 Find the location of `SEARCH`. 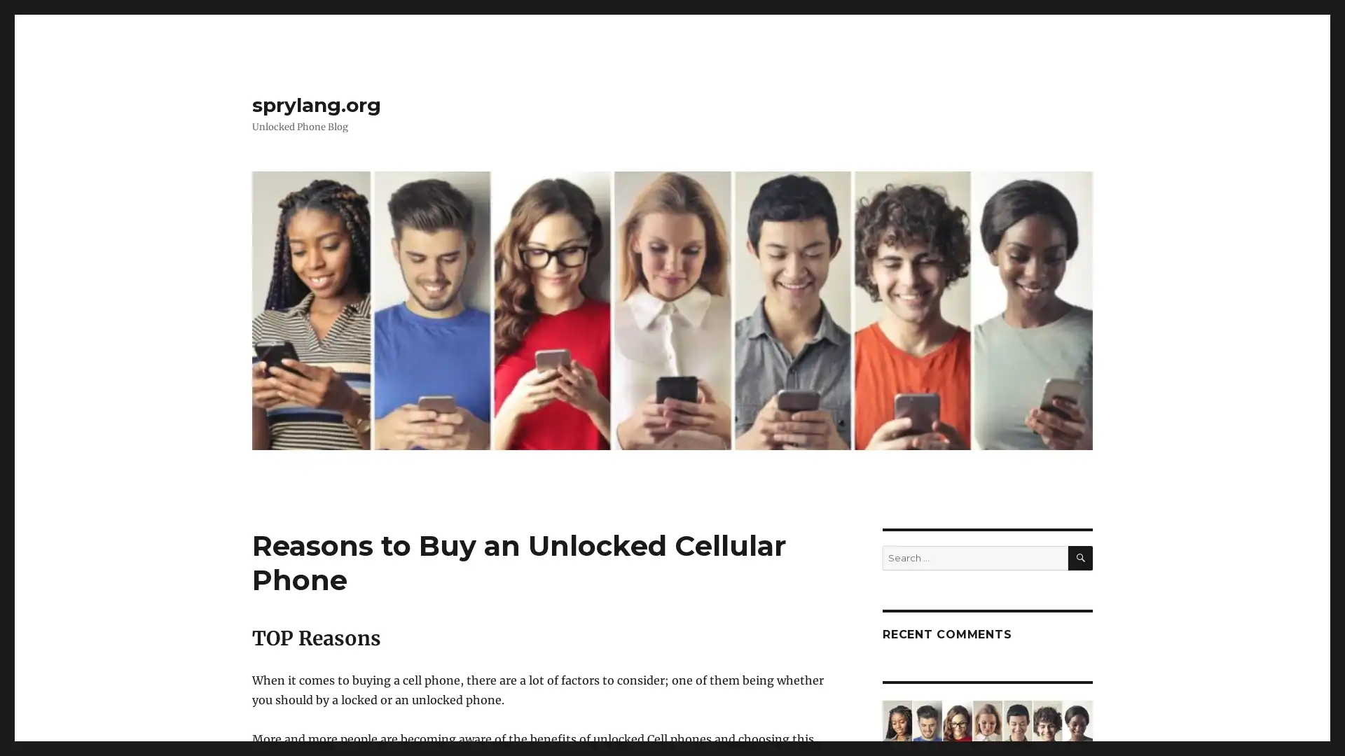

SEARCH is located at coordinates (1080, 558).